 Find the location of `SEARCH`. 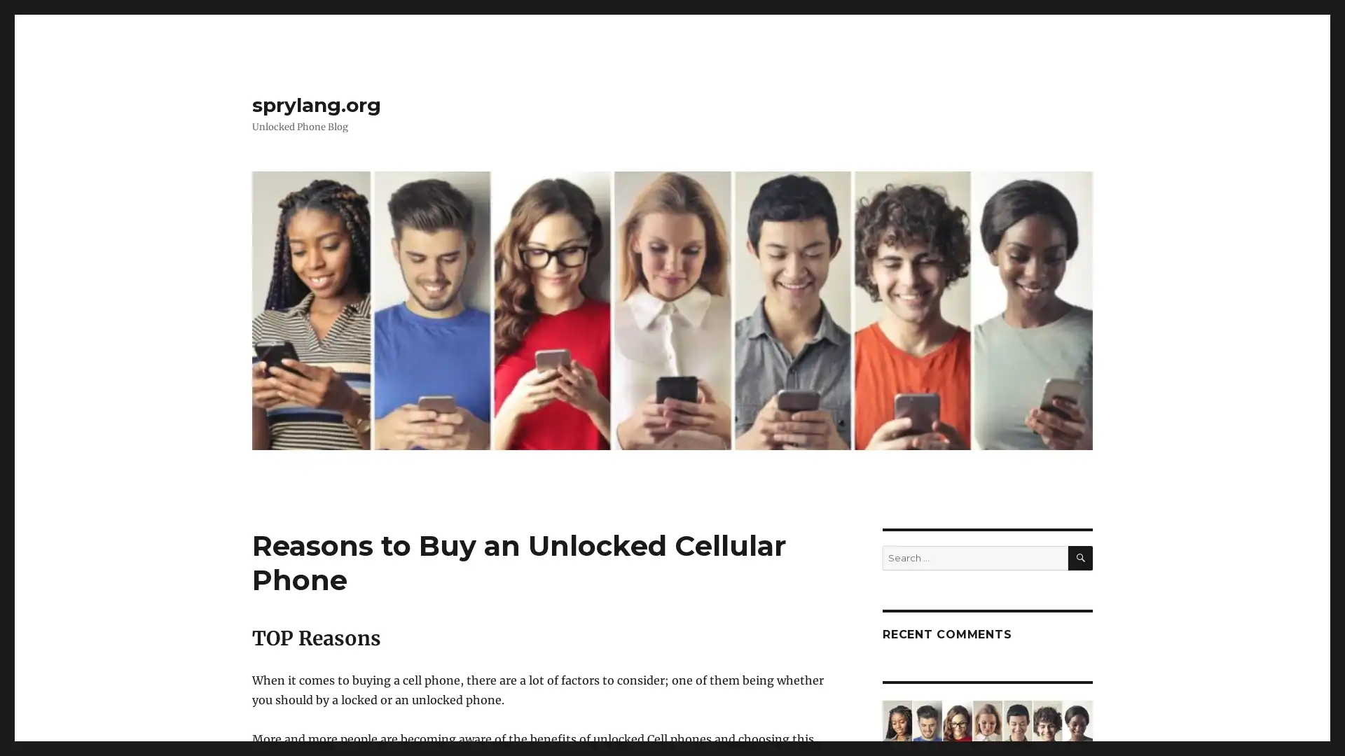

SEARCH is located at coordinates (1080, 558).